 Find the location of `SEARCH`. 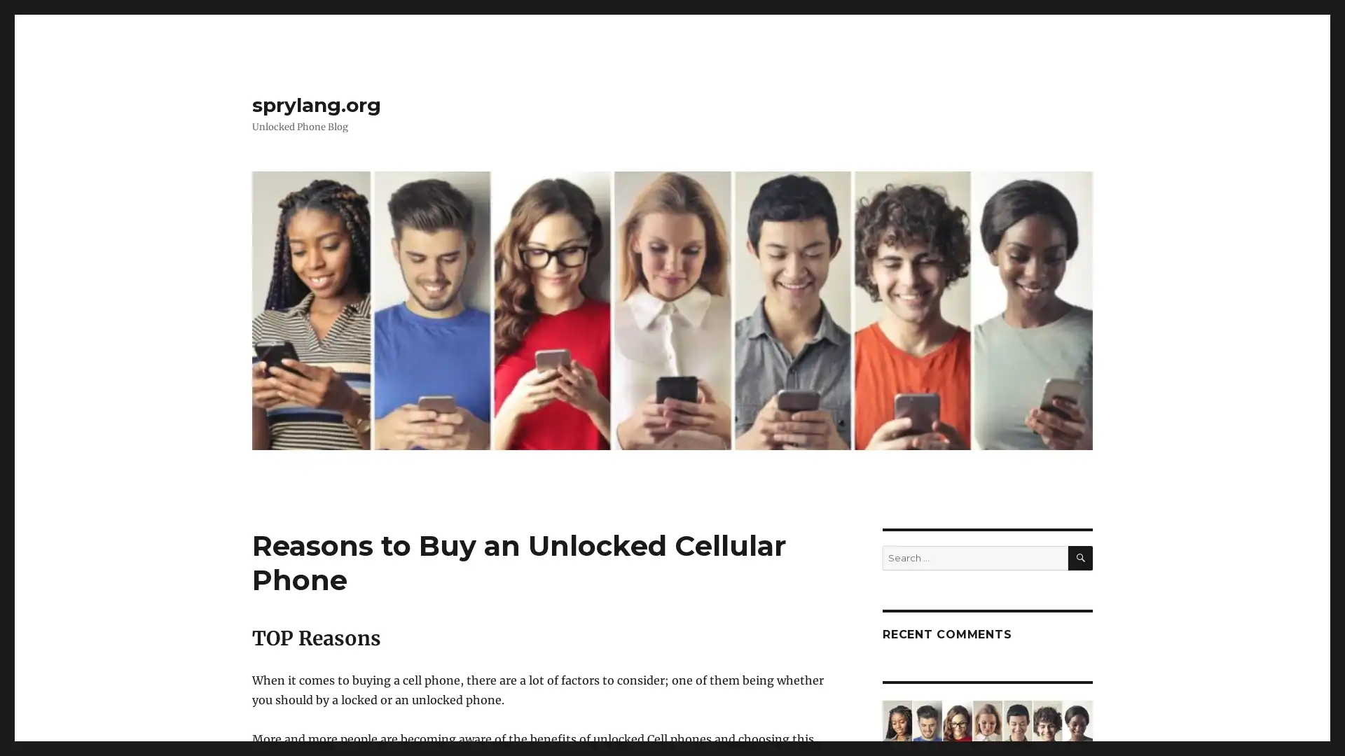

SEARCH is located at coordinates (1080, 558).